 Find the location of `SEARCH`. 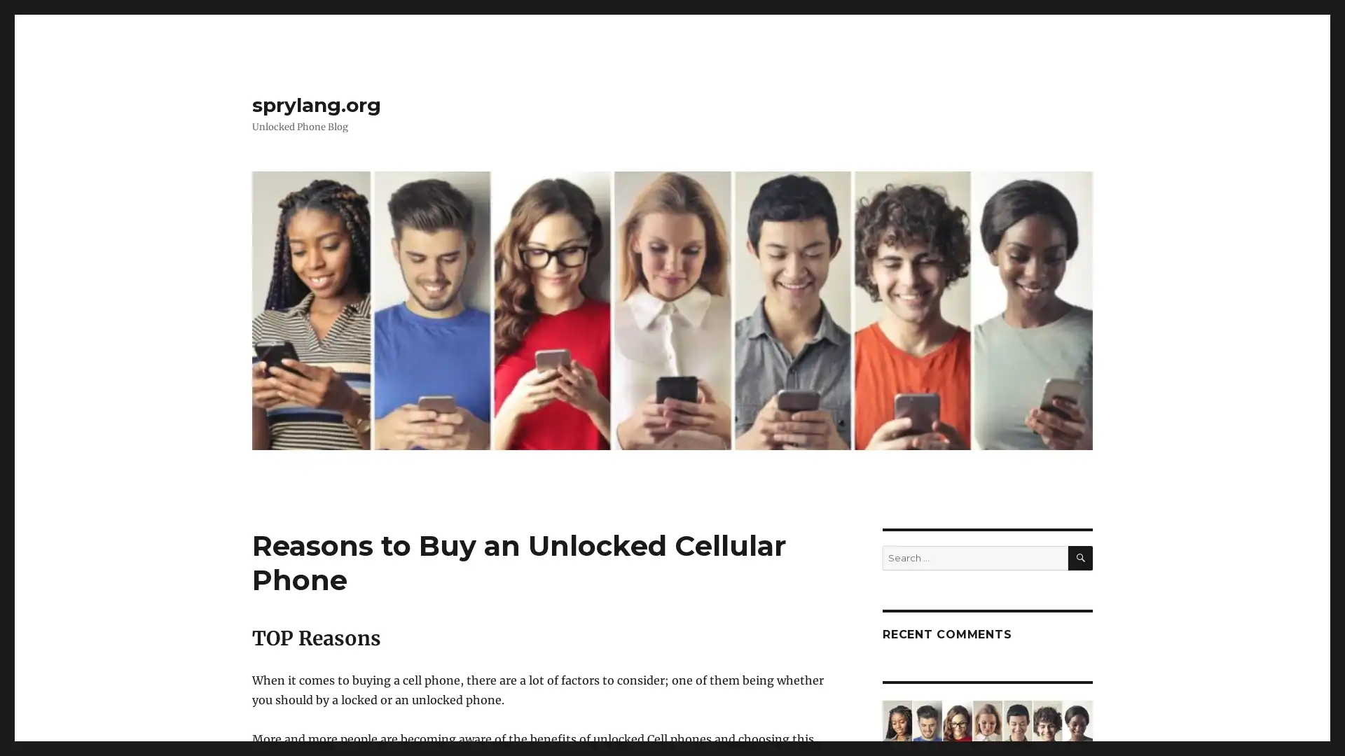

SEARCH is located at coordinates (1080, 558).